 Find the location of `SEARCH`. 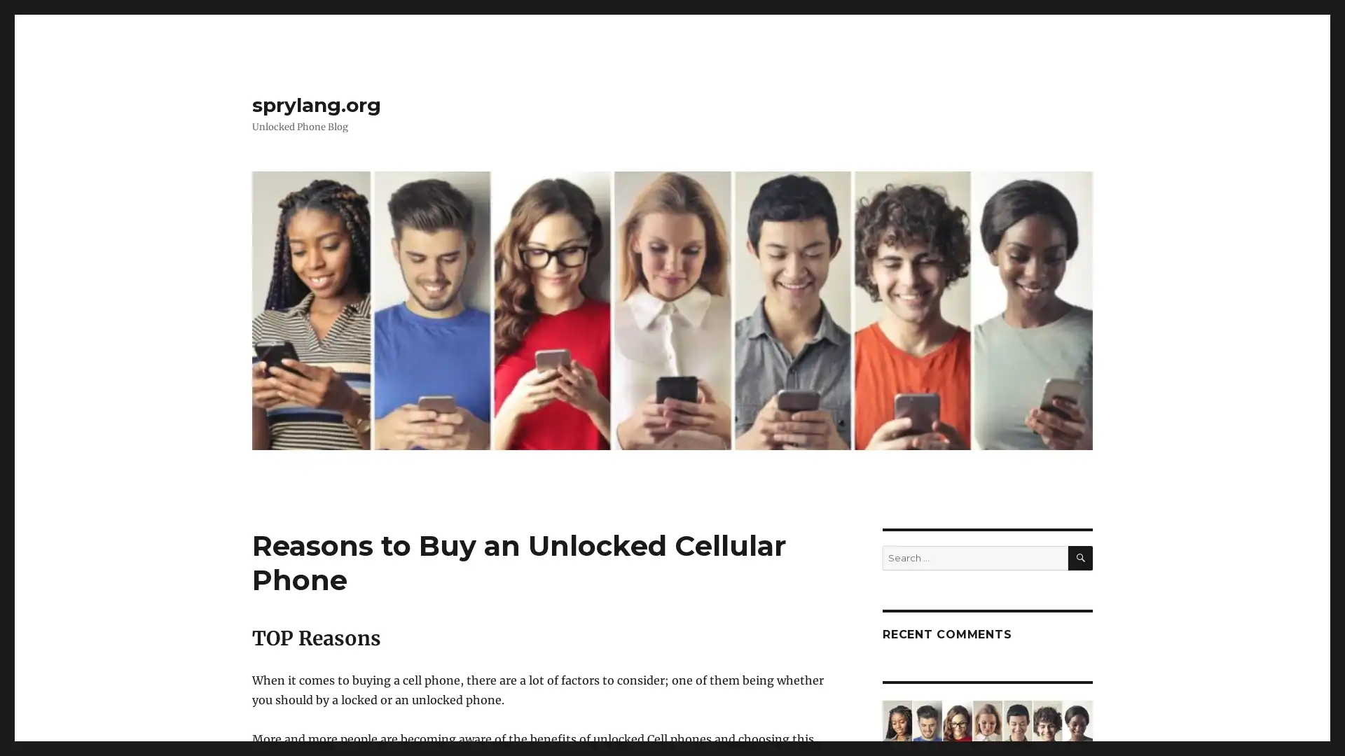

SEARCH is located at coordinates (1080, 558).